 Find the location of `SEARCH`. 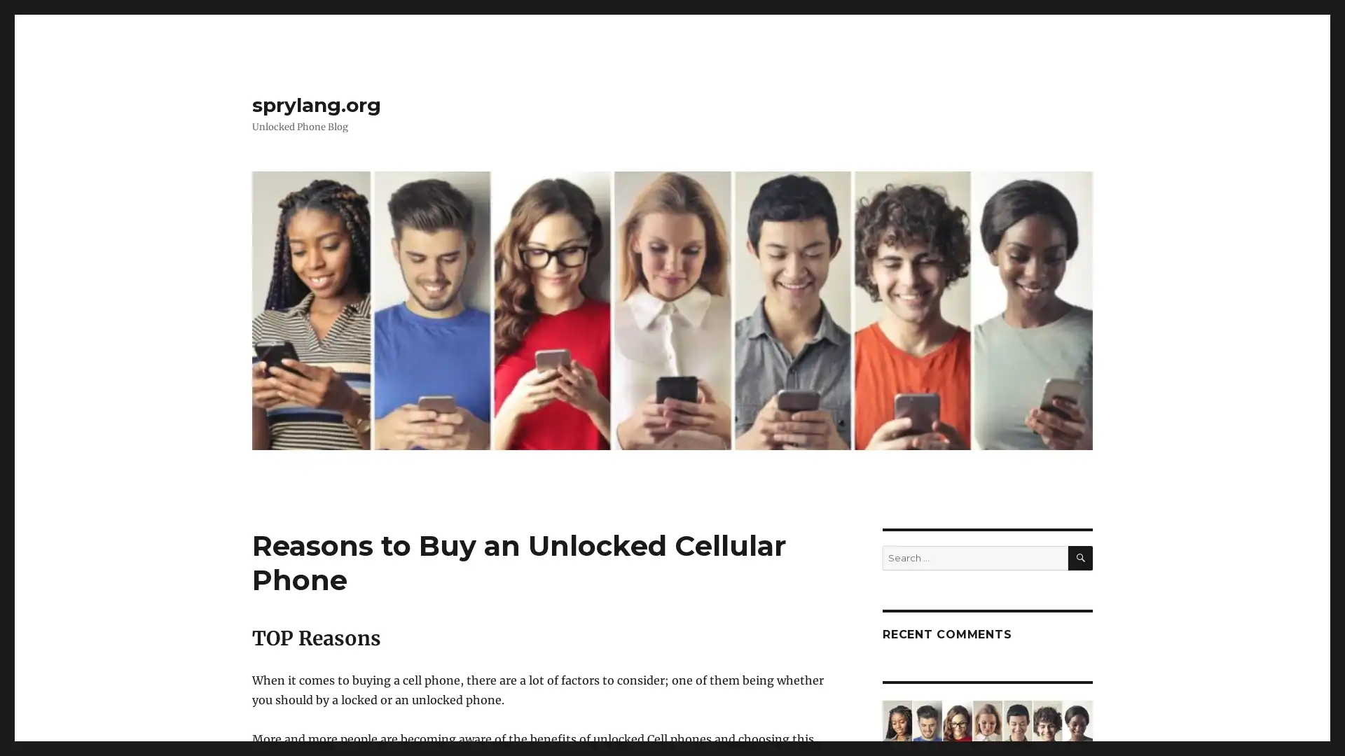

SEARCH is located at coordinates (1080, 558).